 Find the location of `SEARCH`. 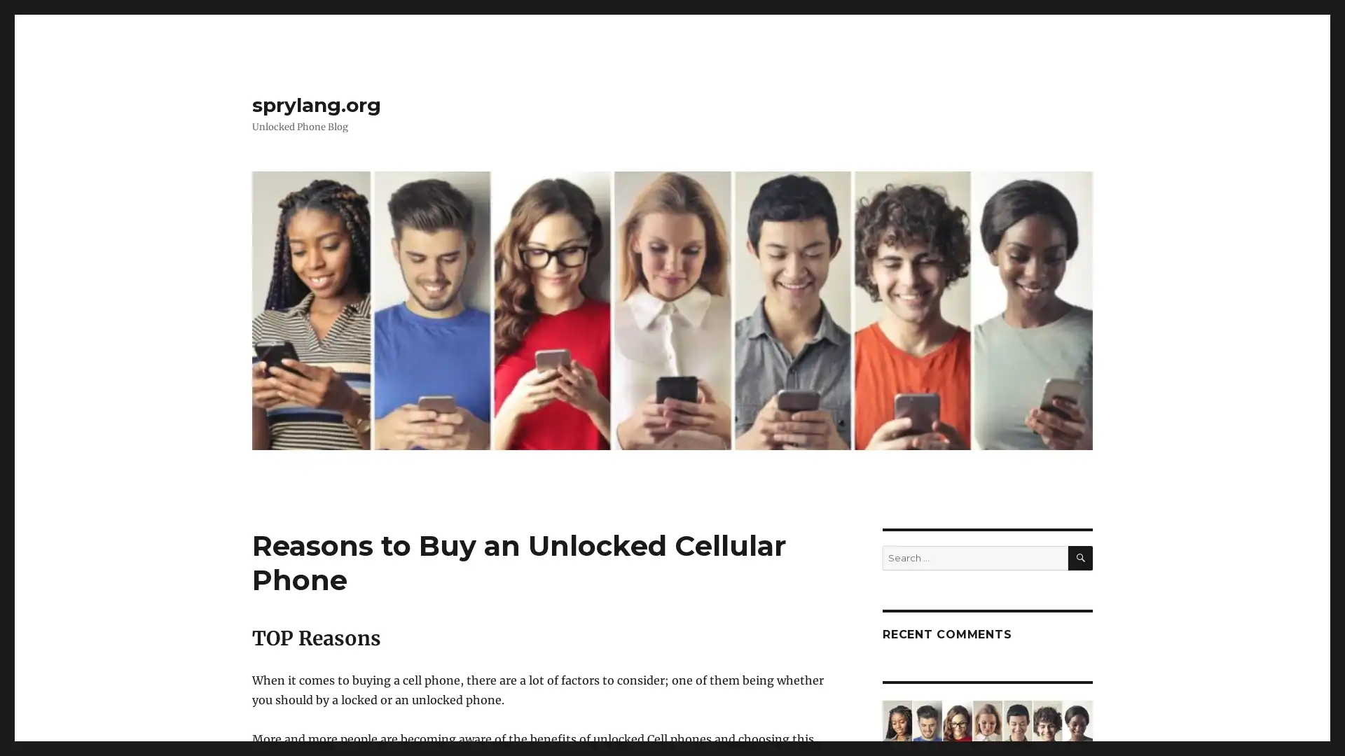

SEARCH is located at coordinates (1080, 558).